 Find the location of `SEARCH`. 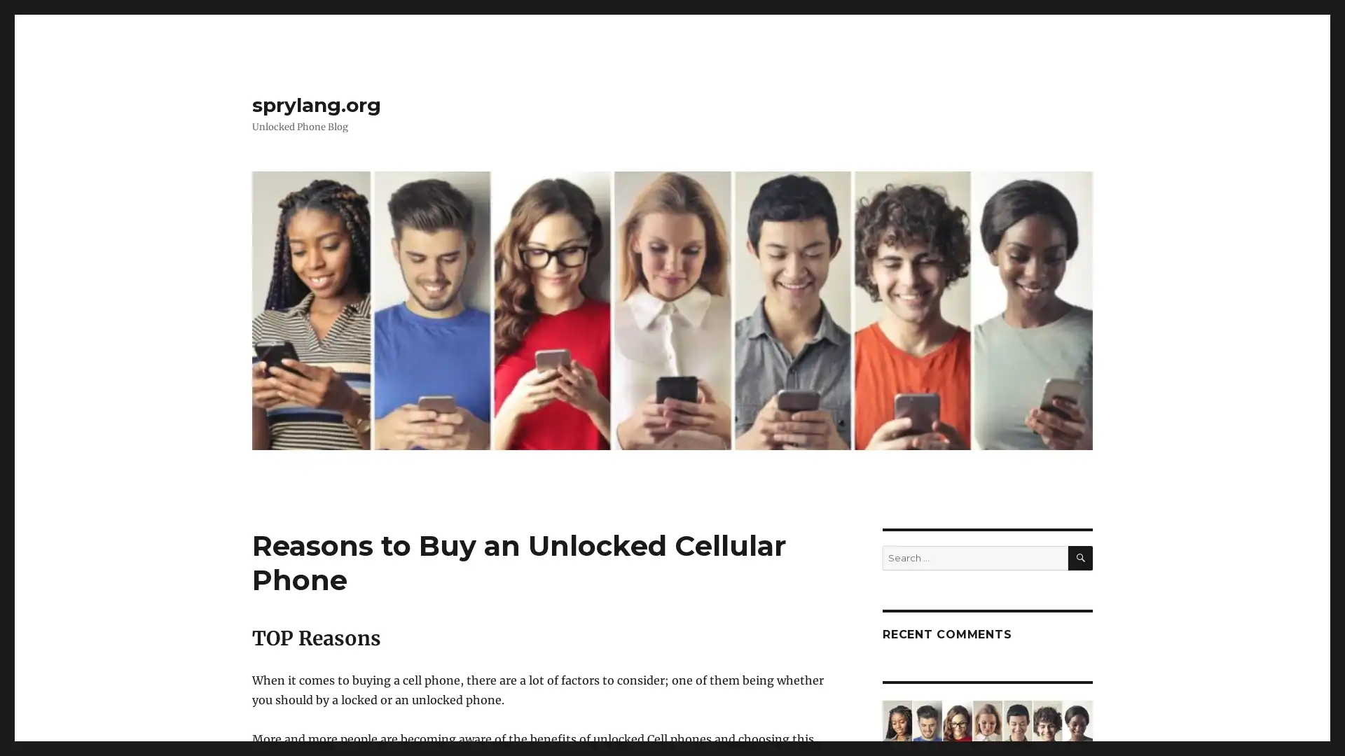

SEARCH is located at coordinates (1080, 558).